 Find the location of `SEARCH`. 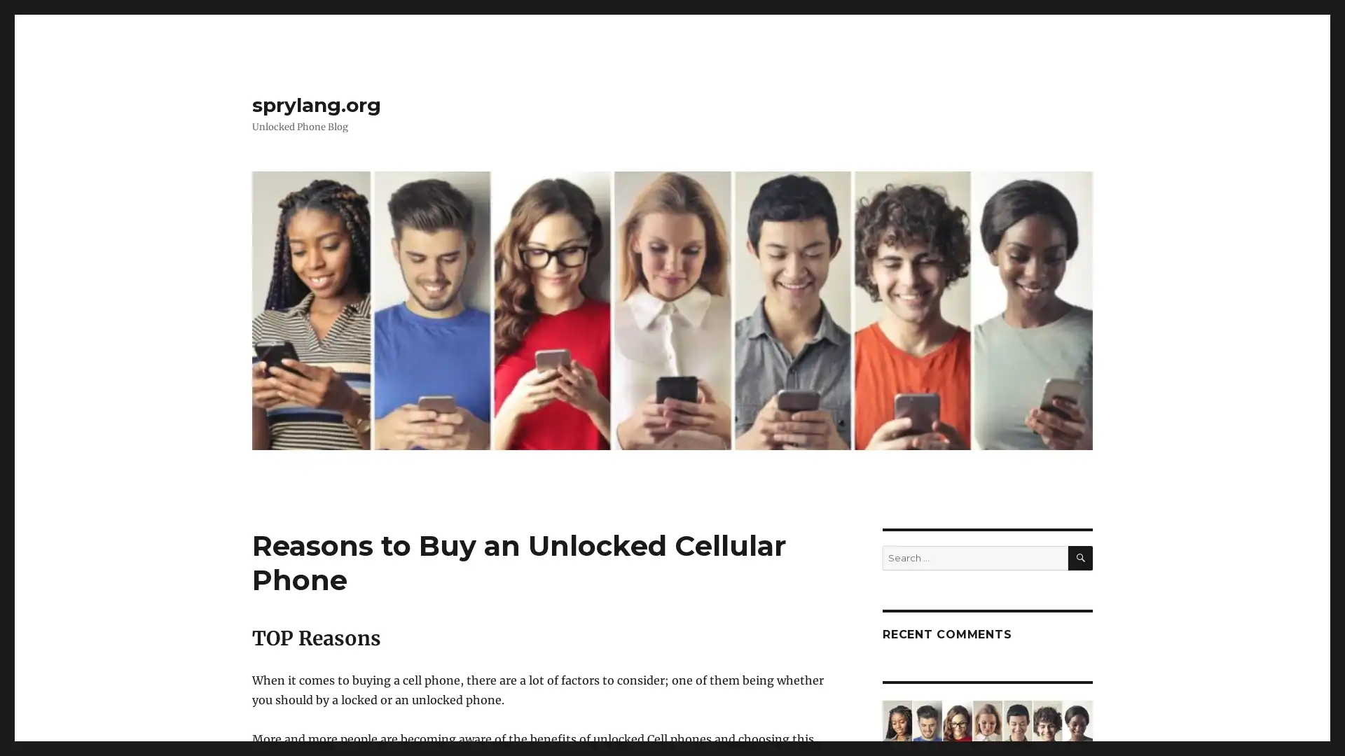

SEARCH is located at coordinates (1080, 558).